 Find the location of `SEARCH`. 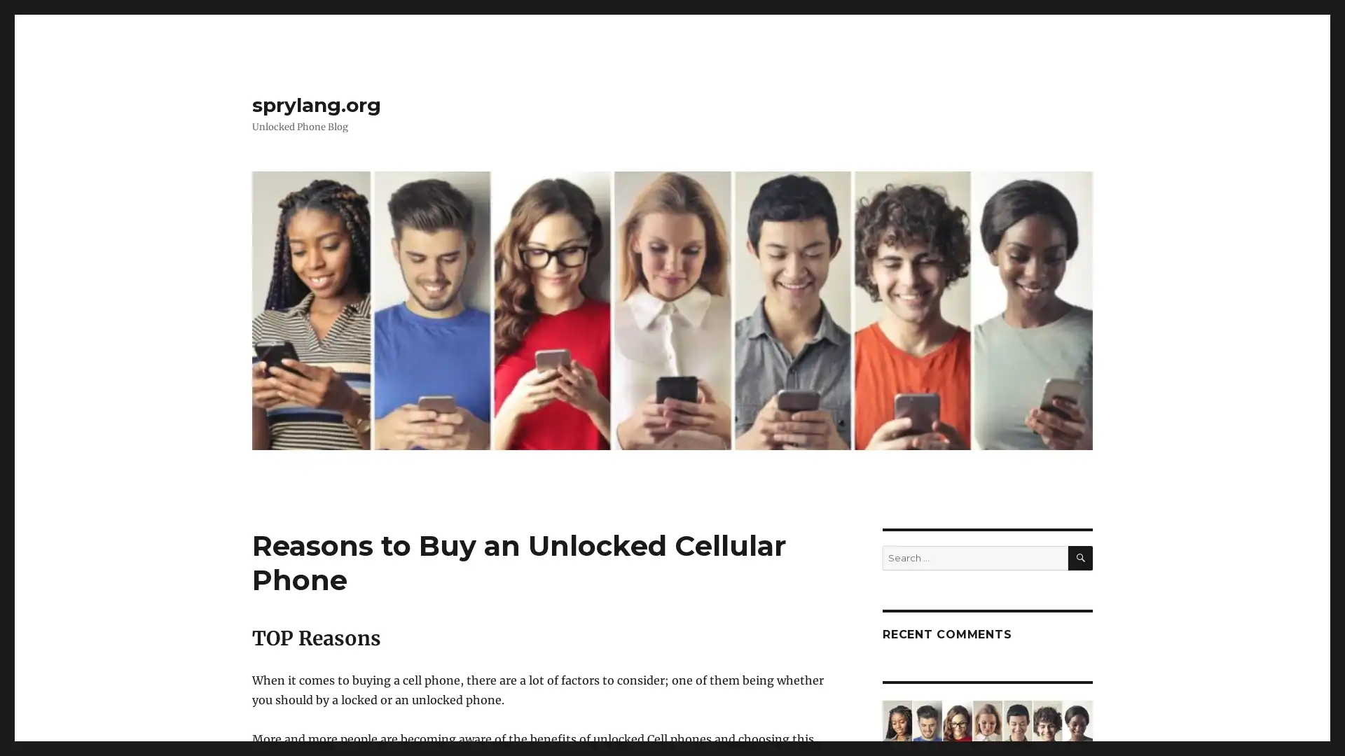

SEARCH is located at coordinates (1080, 558).